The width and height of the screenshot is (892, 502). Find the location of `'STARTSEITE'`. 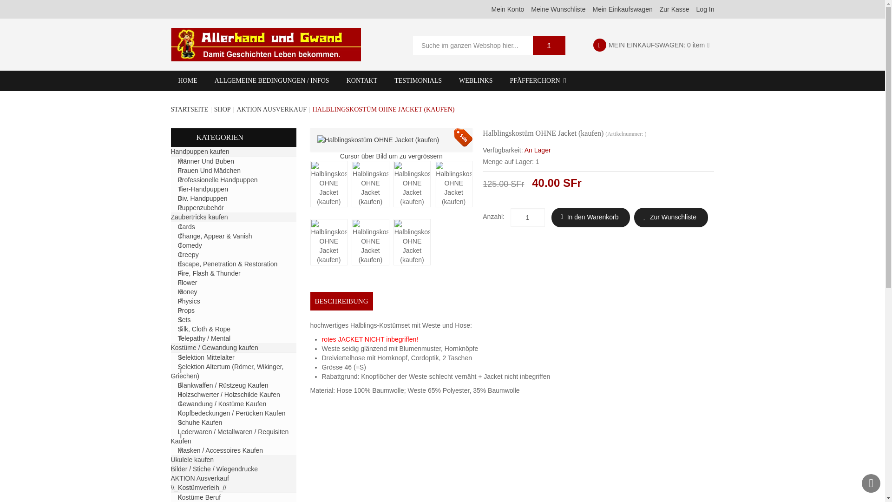

'STARTSEITE' is located at coordinates (189, 109).